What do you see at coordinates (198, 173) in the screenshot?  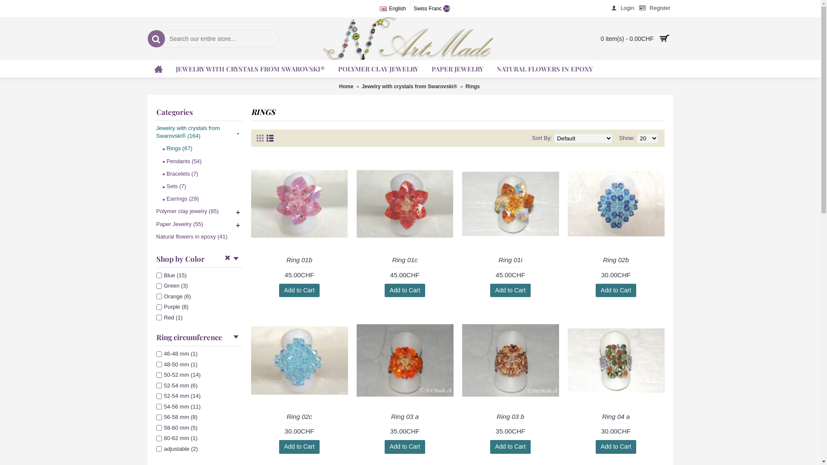 I see `'Bracelets (7)'` at bounding box center [198, 173].